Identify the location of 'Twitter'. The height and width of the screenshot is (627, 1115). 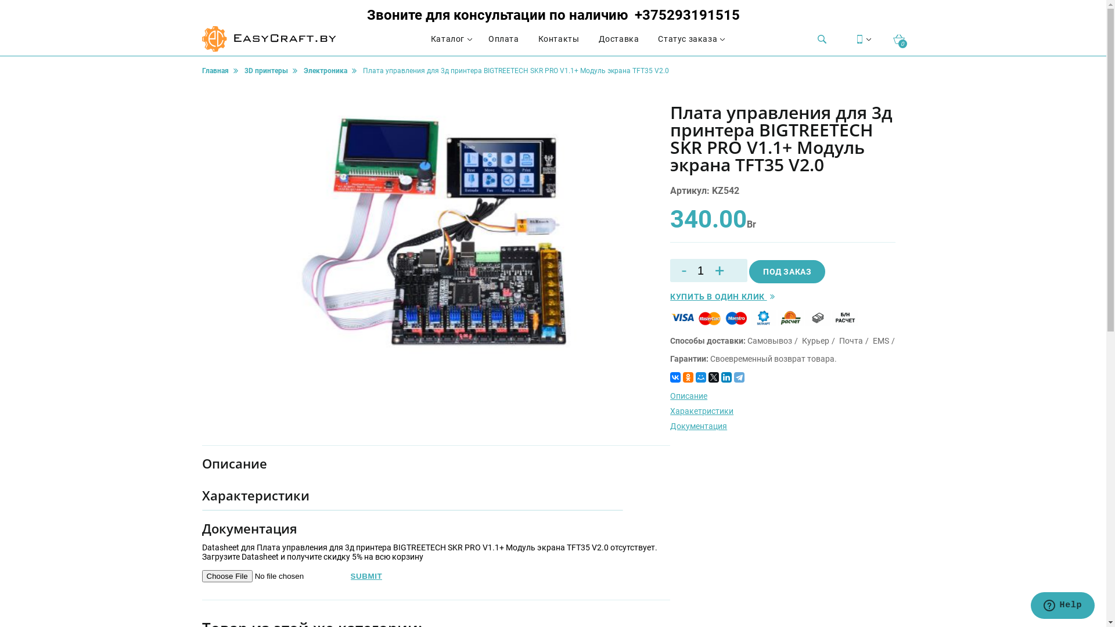
(713, 377).